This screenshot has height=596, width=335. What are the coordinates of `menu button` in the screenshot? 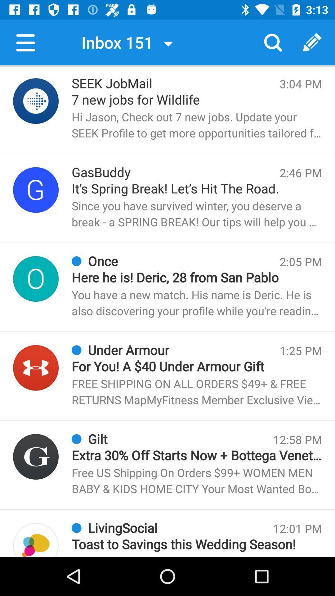 It's located at (26, 42).